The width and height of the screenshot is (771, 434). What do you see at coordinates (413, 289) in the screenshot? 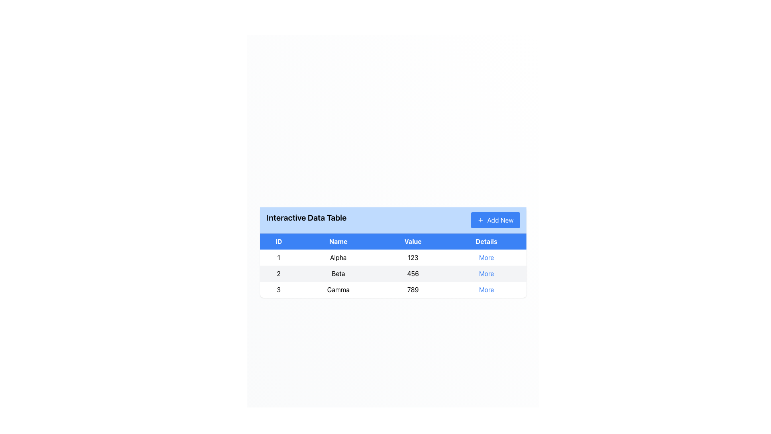
I see `the text label displaying numerical data for the 'Gamma' row in the table, located in the third row and third column under the 'Value' label` at bounding box center [413, 289].